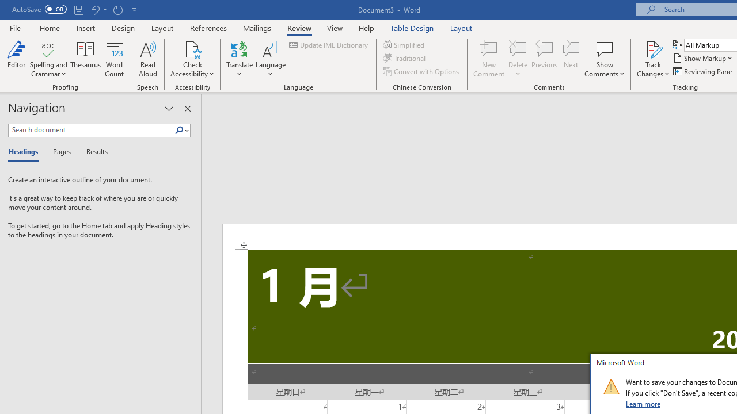 The height and width of the screenshot is (414, 737). What do you see at coordinates (123, 28) in the screenshot?
I see `'Design'` at bounding box center [123, 28].